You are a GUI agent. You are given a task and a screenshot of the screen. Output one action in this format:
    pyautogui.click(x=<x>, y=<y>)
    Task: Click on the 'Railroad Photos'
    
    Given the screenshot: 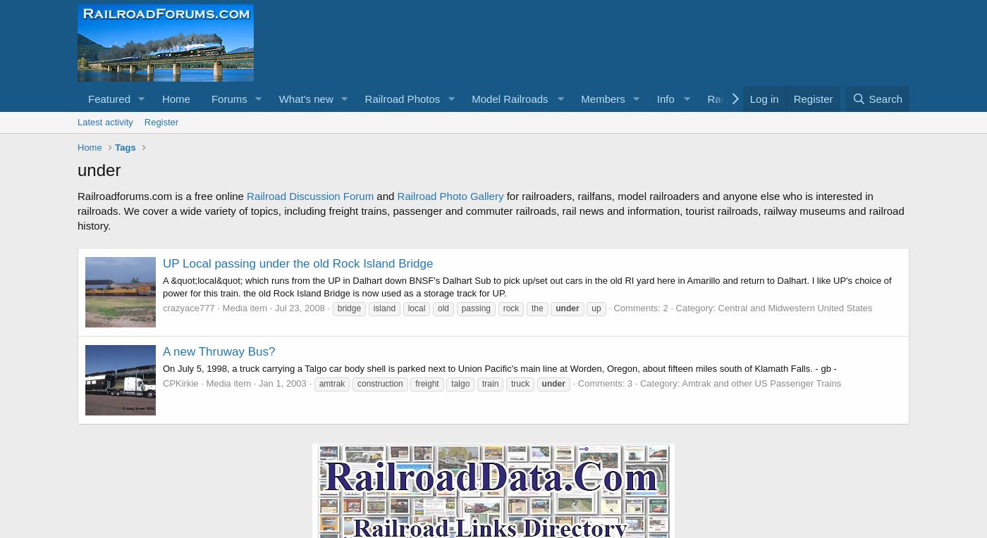 What is the action you would take?
    pyautogui.click(x=402, y=98)
    